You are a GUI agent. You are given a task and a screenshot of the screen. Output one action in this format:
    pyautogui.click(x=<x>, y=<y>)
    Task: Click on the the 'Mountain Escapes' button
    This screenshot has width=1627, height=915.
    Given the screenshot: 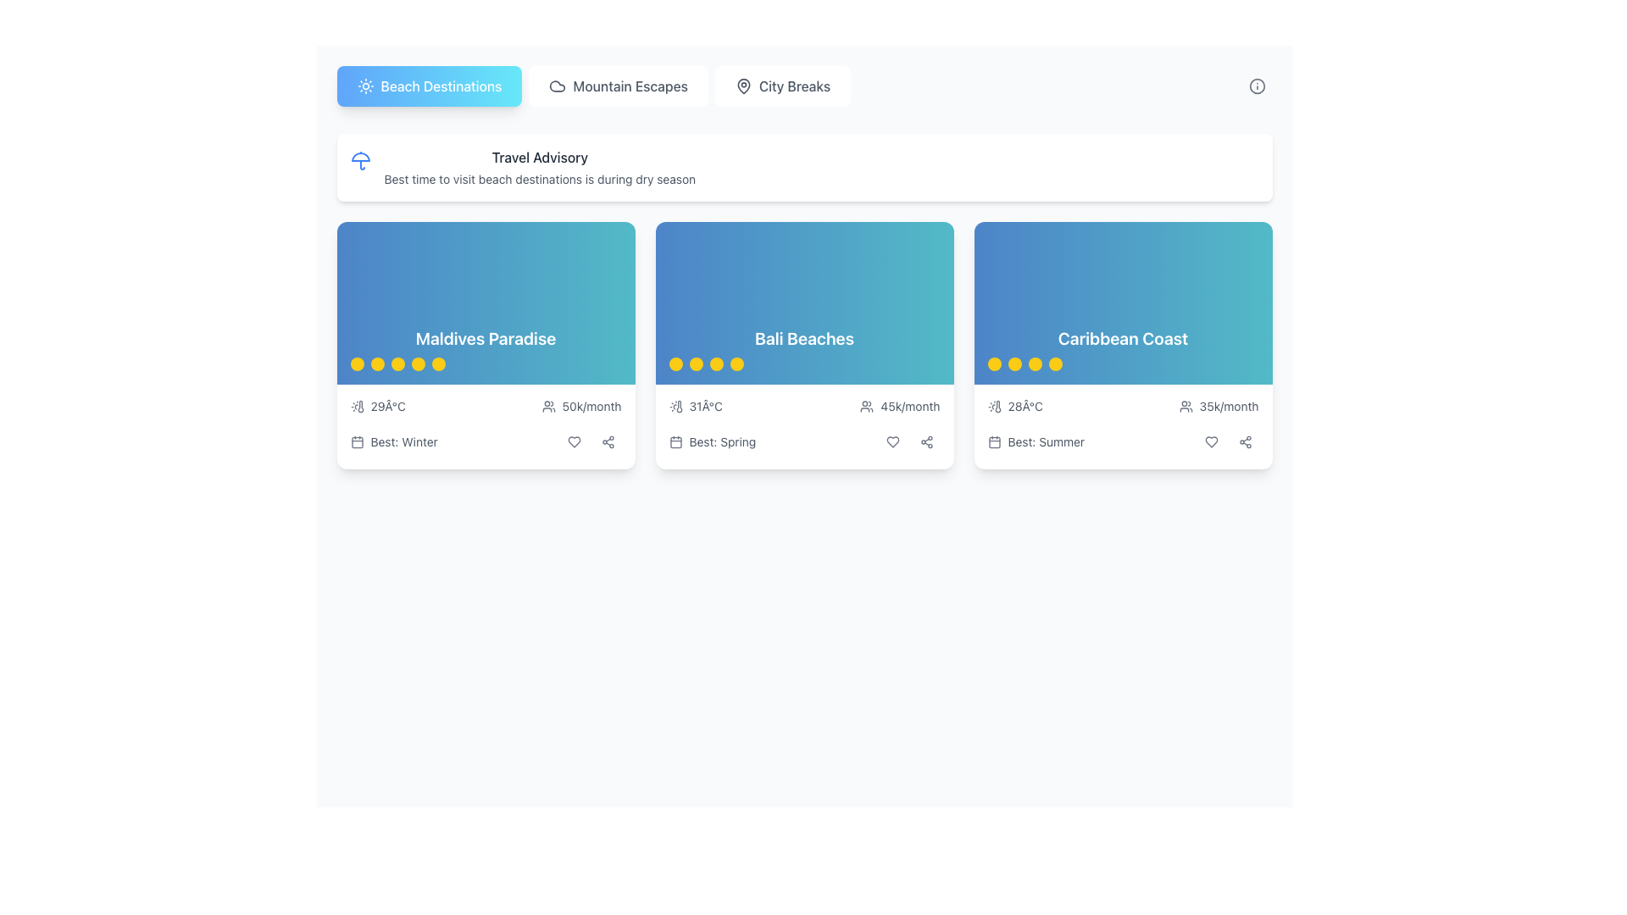 What is the action you would take?
    pyautogui.click(x=618, y=86)
    